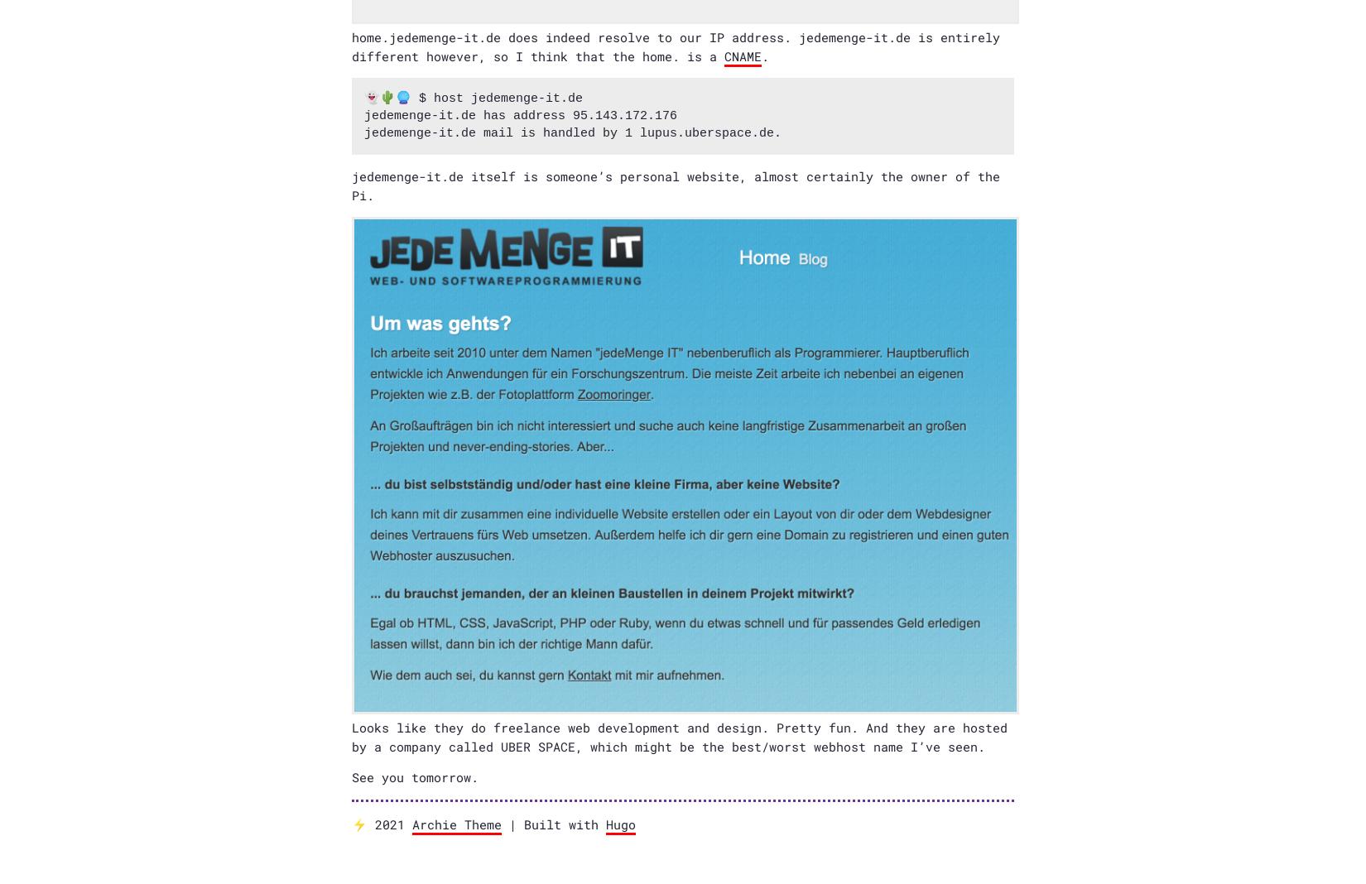 This screenshot has height=884, width=1366. What do you see at coordinates (414, 776) in the screenshot?
I see `'See you tomorrow.'` at bounding box center [414, 776].